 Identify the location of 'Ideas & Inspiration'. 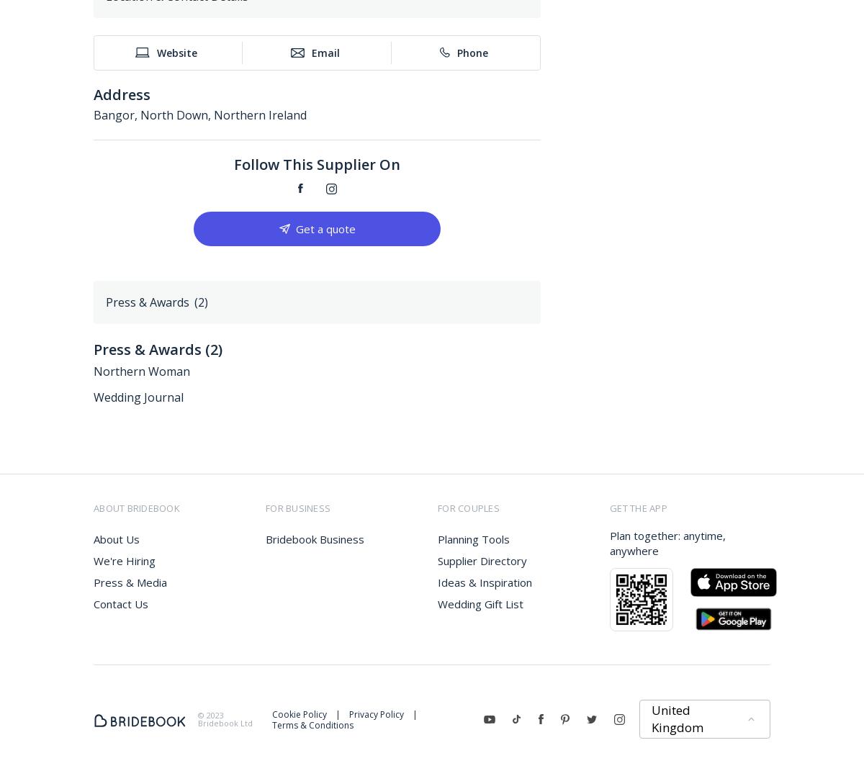
(485, 580).